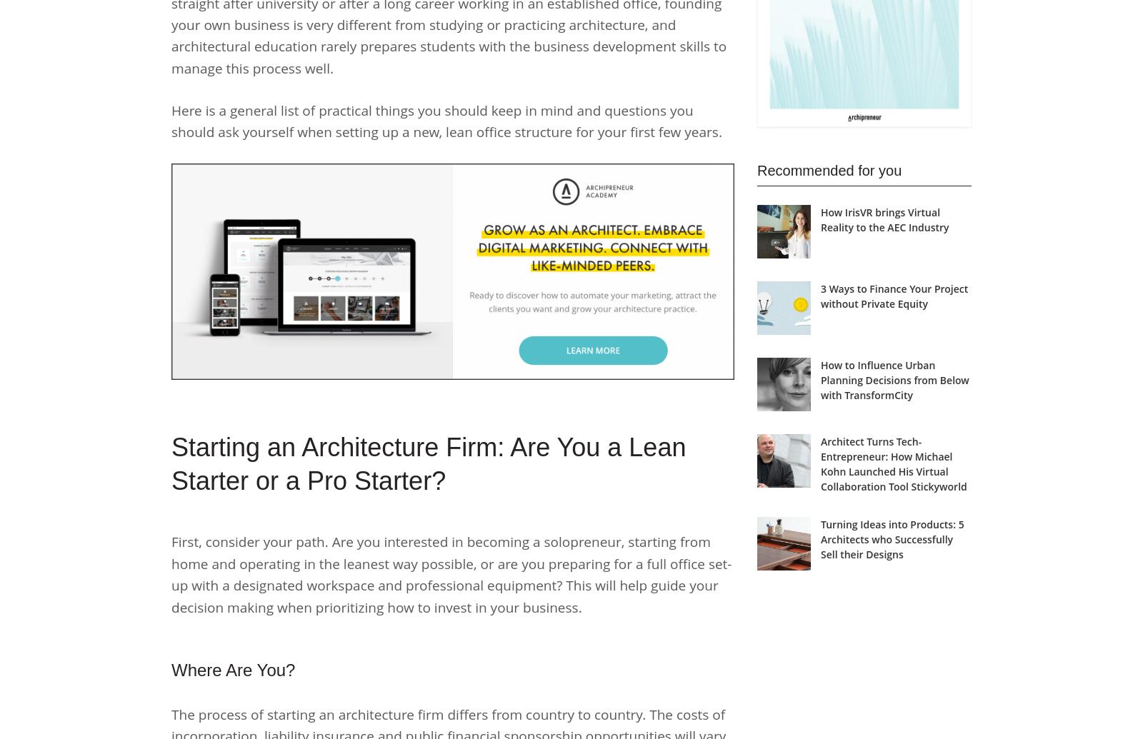 The height and width of the screenshot is (739, 1143). Describe the element at coordinates (446, 121) in the screenshot. I see `'Here is a general list of practical things you should keep in mind and questions you should ask yourself when setting up a new, lean office structure for your first few years.'` at that location.